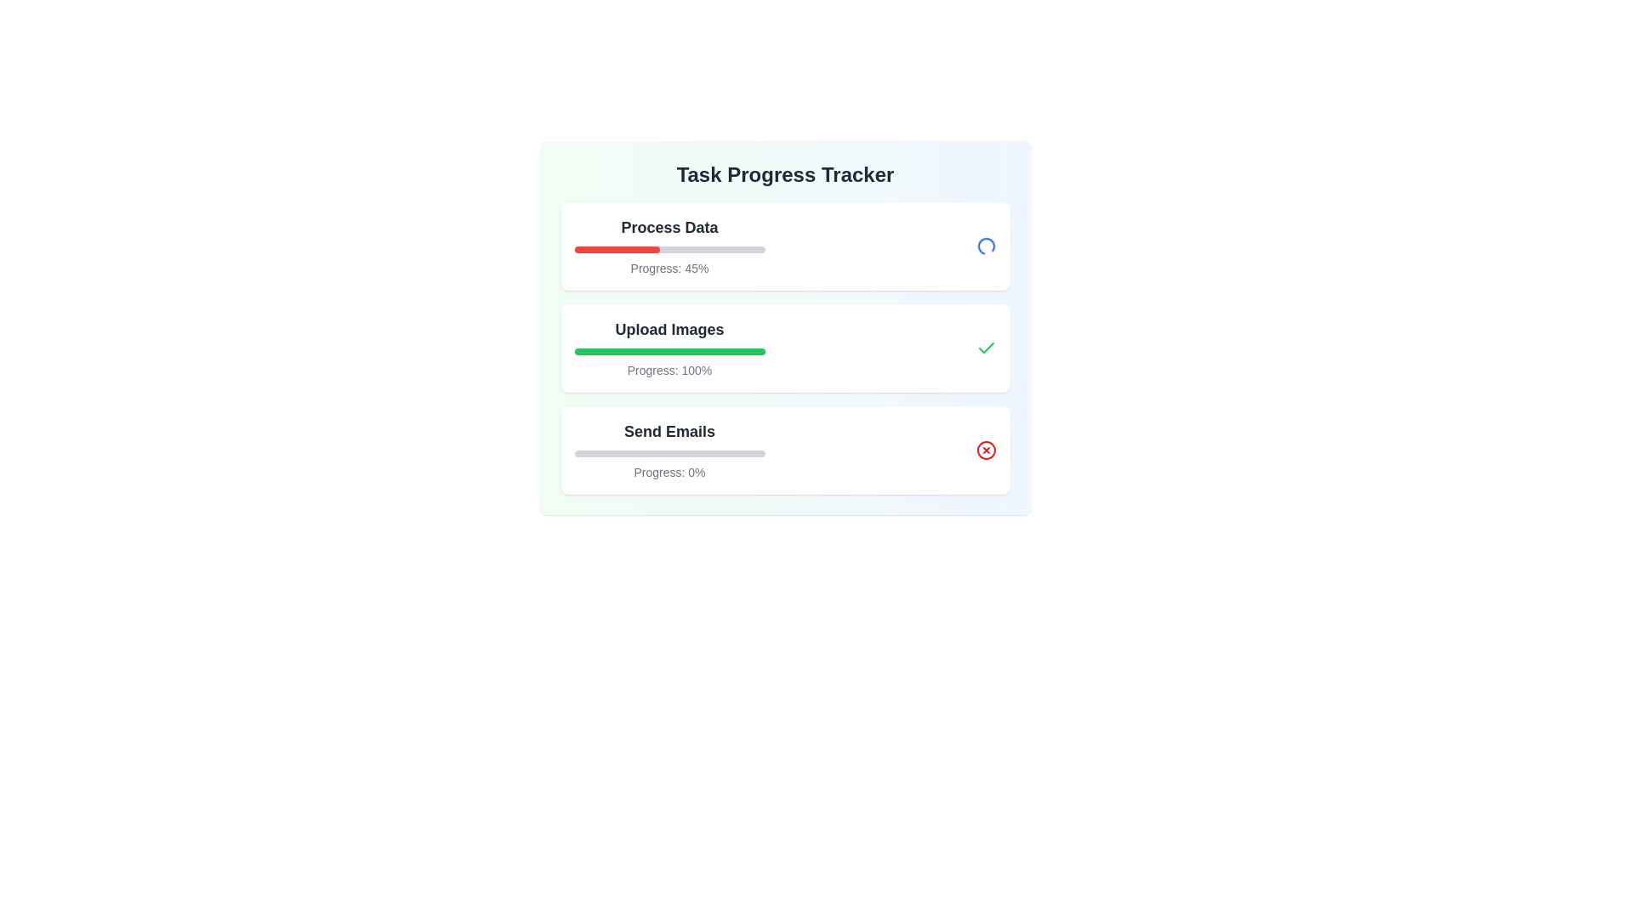  What do you see at coordinates (669, 330) in the screenshot?
I see `the text label that displays 'Upload Images' in bold, large dark gray font, positioned above the progress bar in the 'Task Progress Tracker' interface` at bounding box center [669, 330].